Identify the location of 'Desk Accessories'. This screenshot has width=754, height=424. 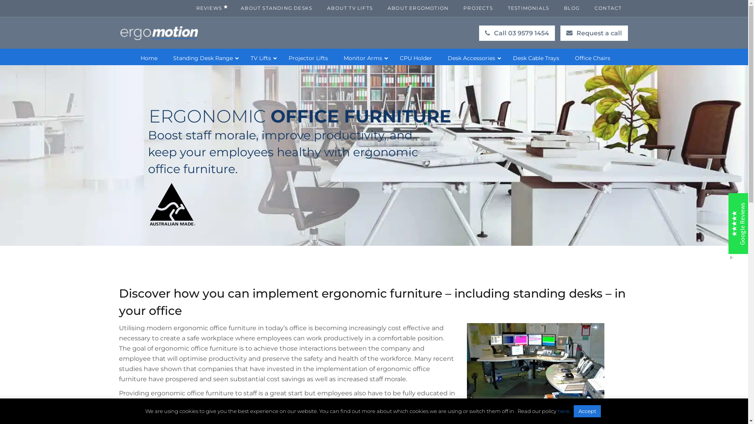
(472, 57).